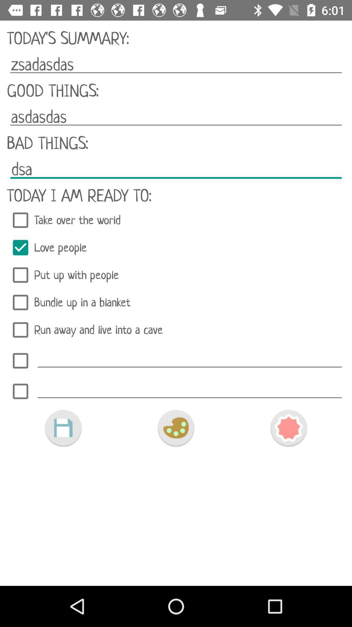 The image size is (352, 627). What do you see at coordinates (190, 359) in the screenshot?
I see `activity` at bounding box center [190, 359].